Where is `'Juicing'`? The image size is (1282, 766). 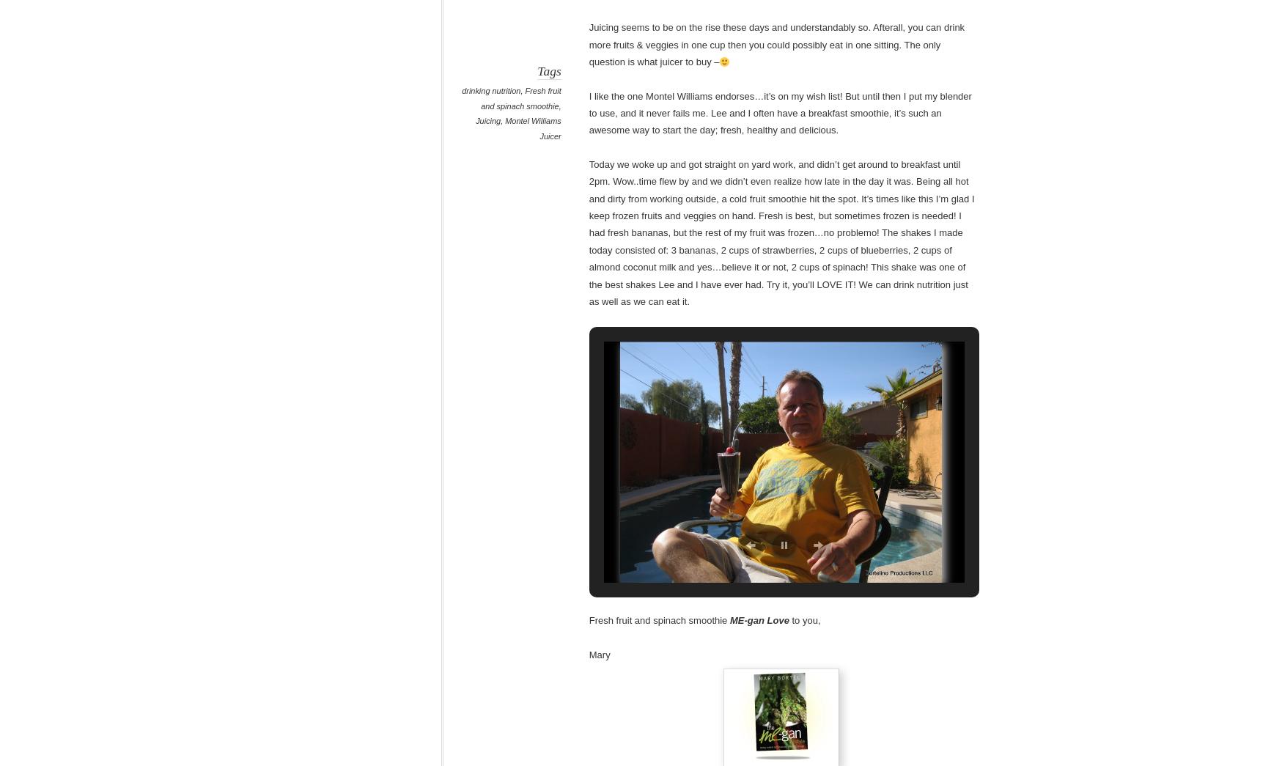 'Juicing' is located at coordinates (476, 120).